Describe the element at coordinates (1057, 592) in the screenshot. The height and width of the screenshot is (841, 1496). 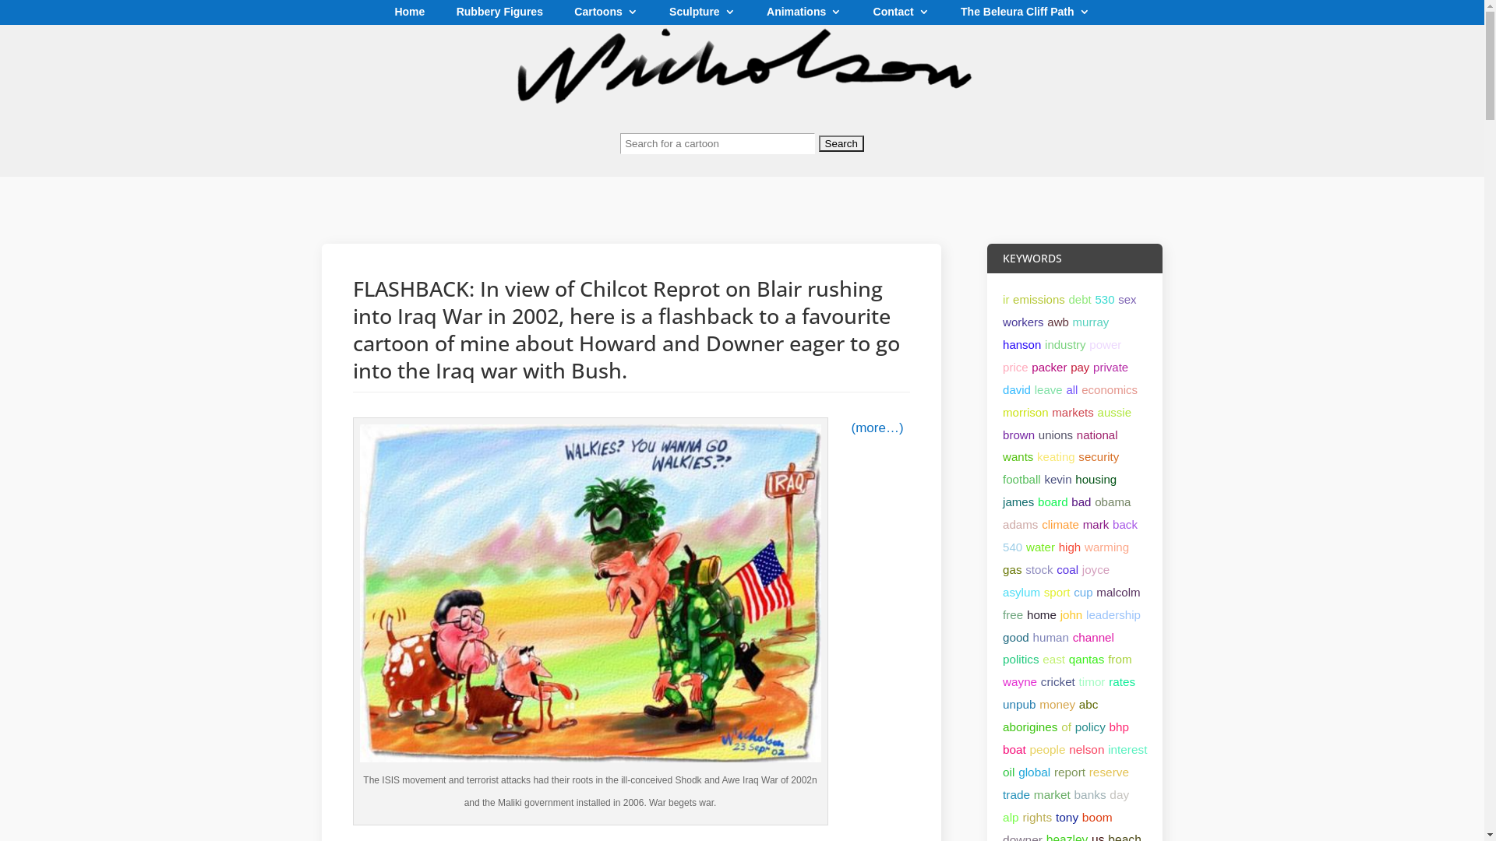
I see `'sport'` at that location.